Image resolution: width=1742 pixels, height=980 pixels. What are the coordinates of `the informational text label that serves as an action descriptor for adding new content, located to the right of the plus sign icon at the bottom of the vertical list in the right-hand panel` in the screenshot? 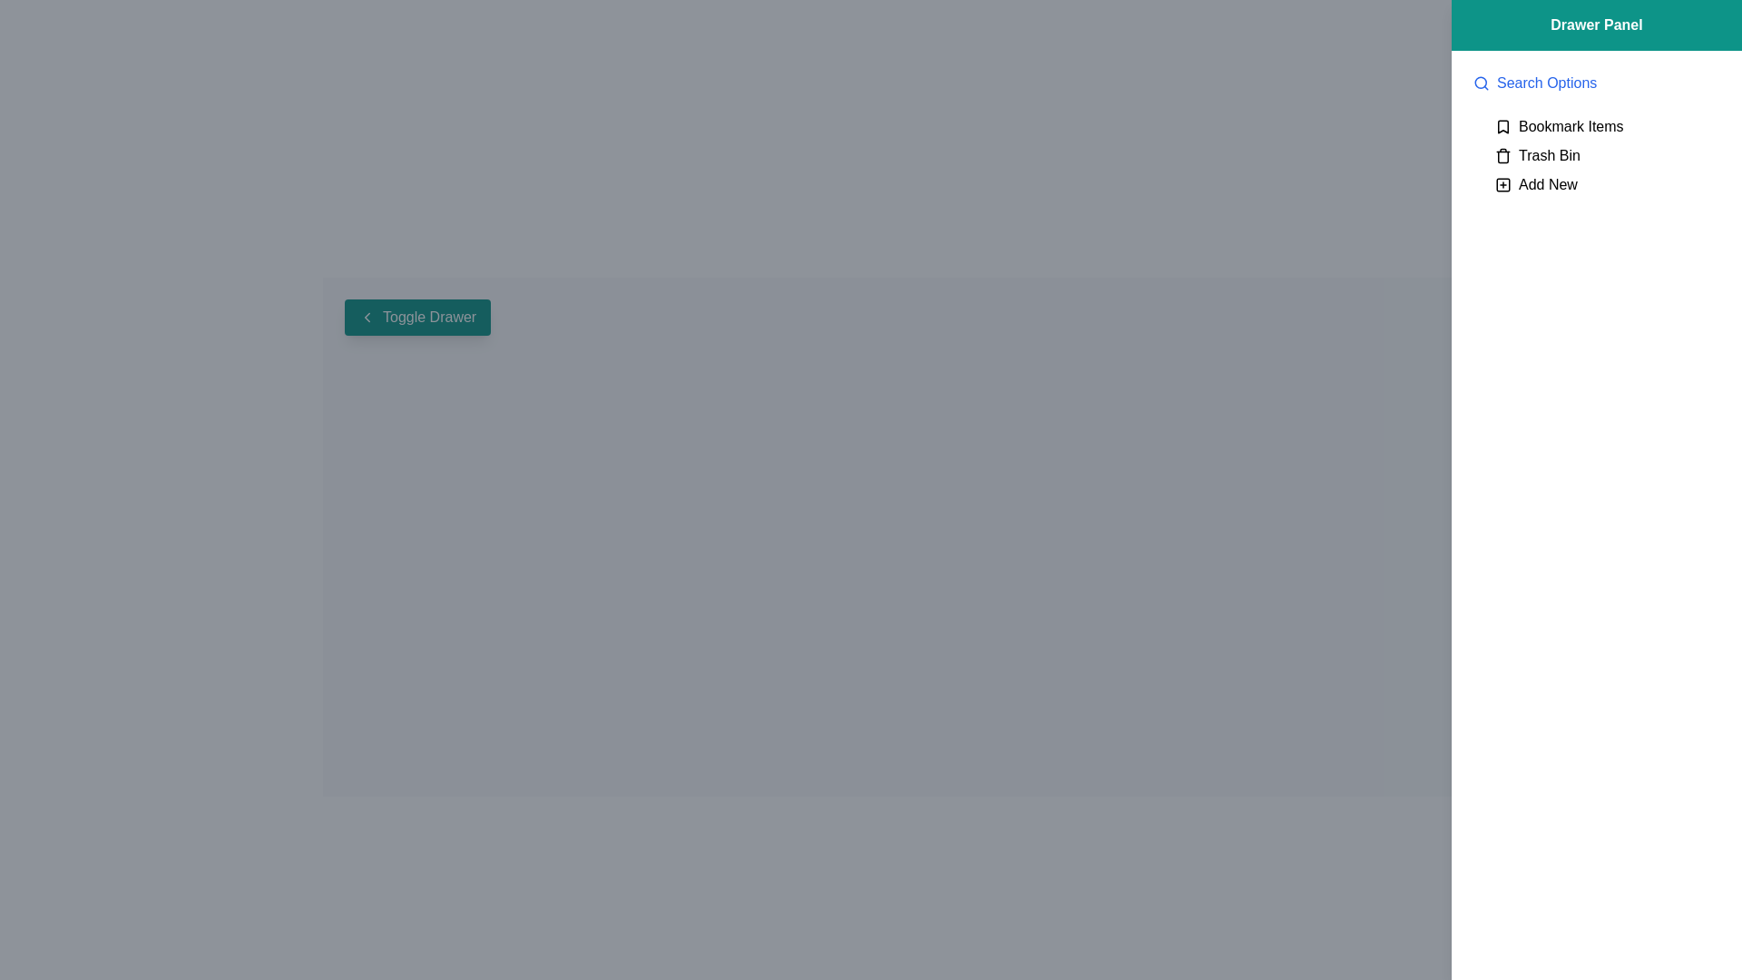 It's located at (1547, 185).